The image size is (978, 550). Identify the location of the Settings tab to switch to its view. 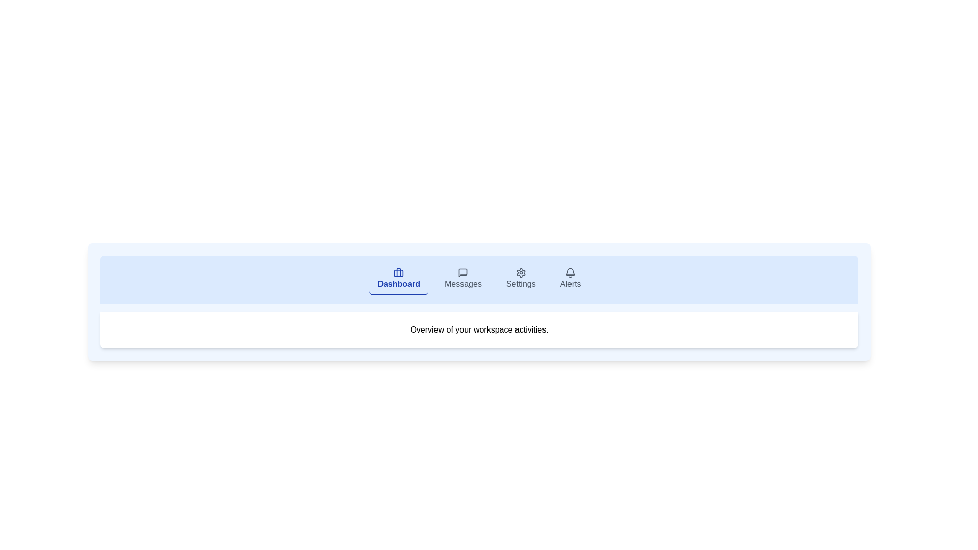
(521, 279).